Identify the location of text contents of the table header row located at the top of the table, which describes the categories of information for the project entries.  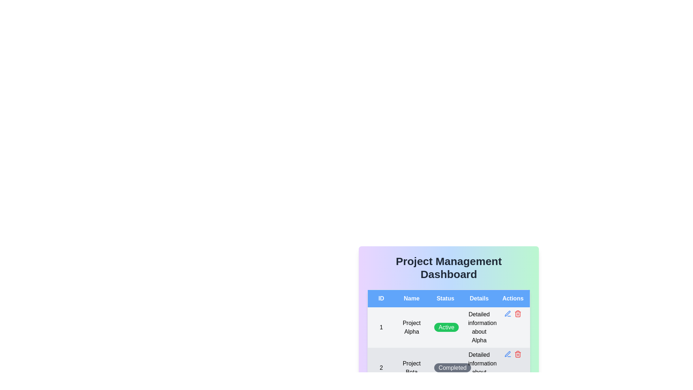
(448, 298).